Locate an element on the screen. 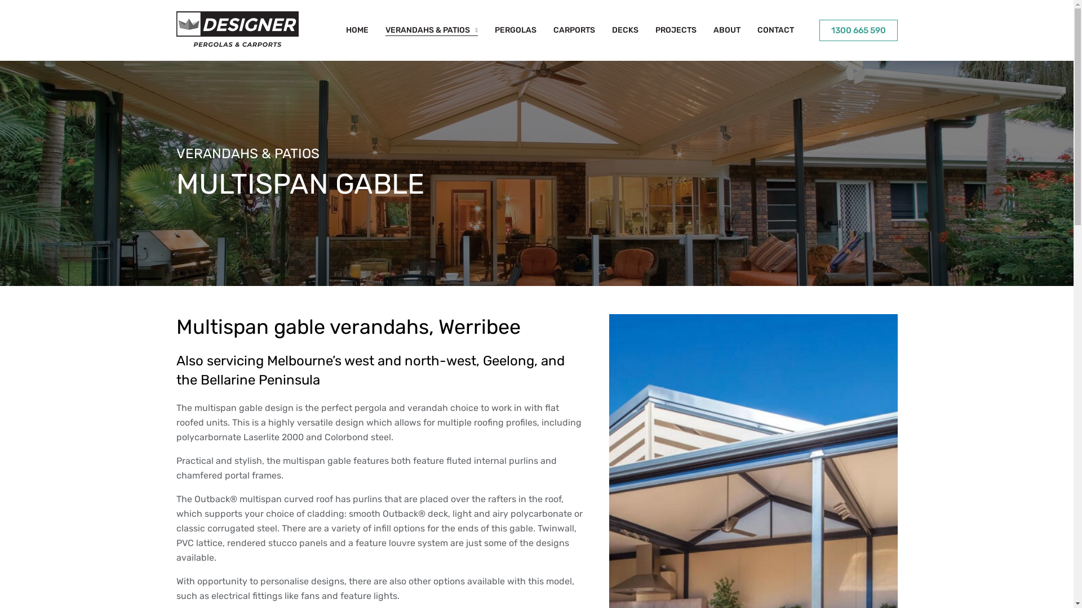 The height and width of the screenshot is (608, 1082). 'PERGOLAS' is located at coordinates (495, 30).